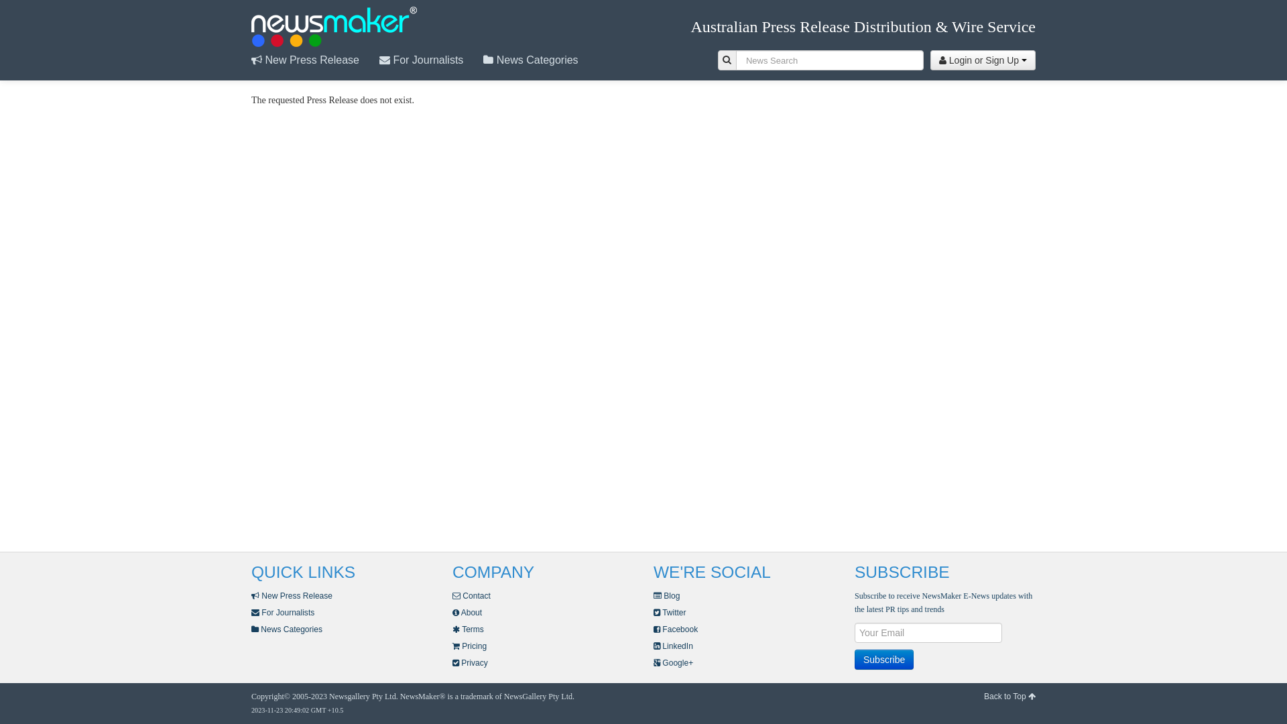  What do you see at coordinates (653, 595) in the screenshot?
I see `'Blog'` at bounding box center [653, 595].